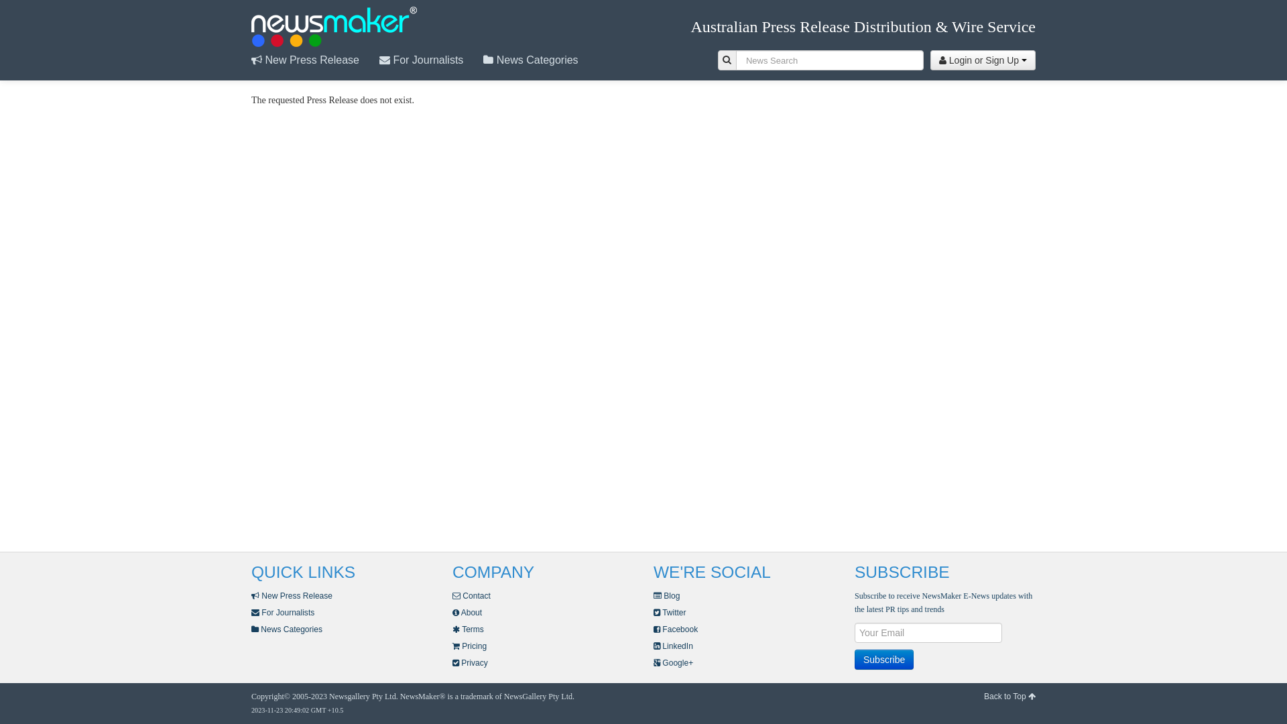  What do you see at coordinates (653, 595) in the screenshot?
I see `'Blog'` at bounding box center [653, 595].